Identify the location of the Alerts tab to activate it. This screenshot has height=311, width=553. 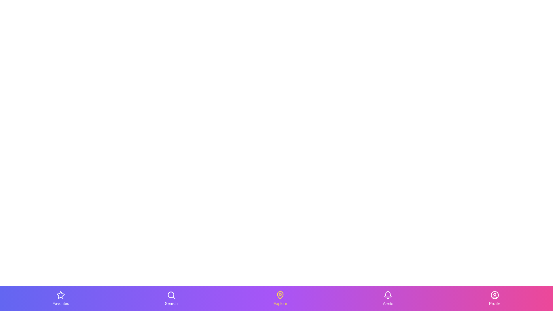
(388, 298).